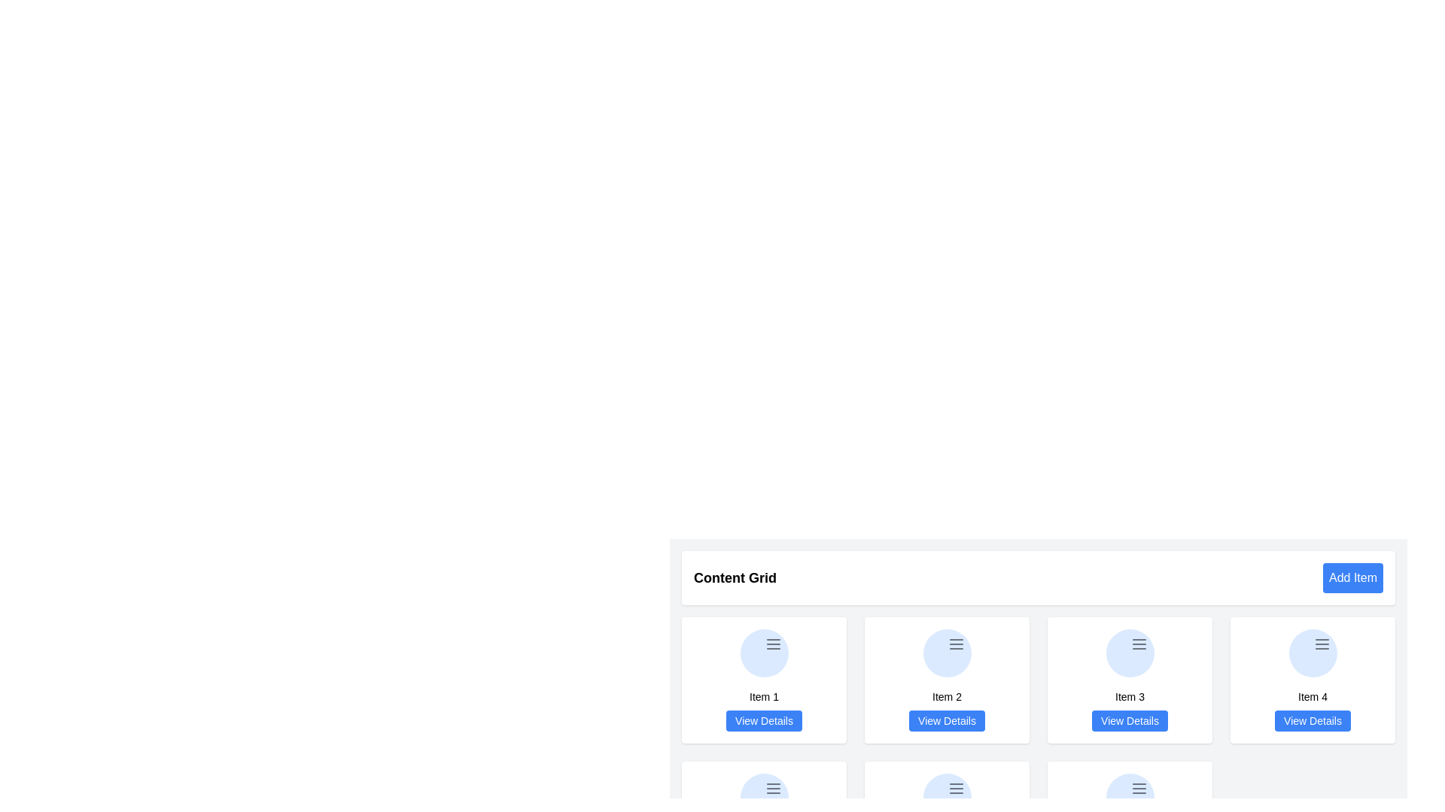 The image size is (1445, 812). I want to click on the menu icon located within a circular light blue background at the top right corner of 'Item 3' in the grid layout, so click(773, 788).